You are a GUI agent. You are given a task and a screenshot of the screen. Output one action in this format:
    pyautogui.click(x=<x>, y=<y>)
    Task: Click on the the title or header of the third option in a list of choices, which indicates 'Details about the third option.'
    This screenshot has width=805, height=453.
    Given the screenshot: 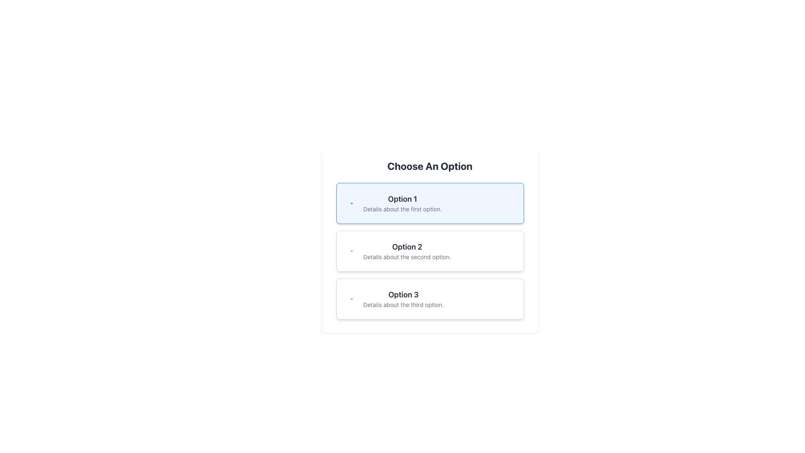 What is the action you would take?
    pyautogui.click(x=403, y=294)
    